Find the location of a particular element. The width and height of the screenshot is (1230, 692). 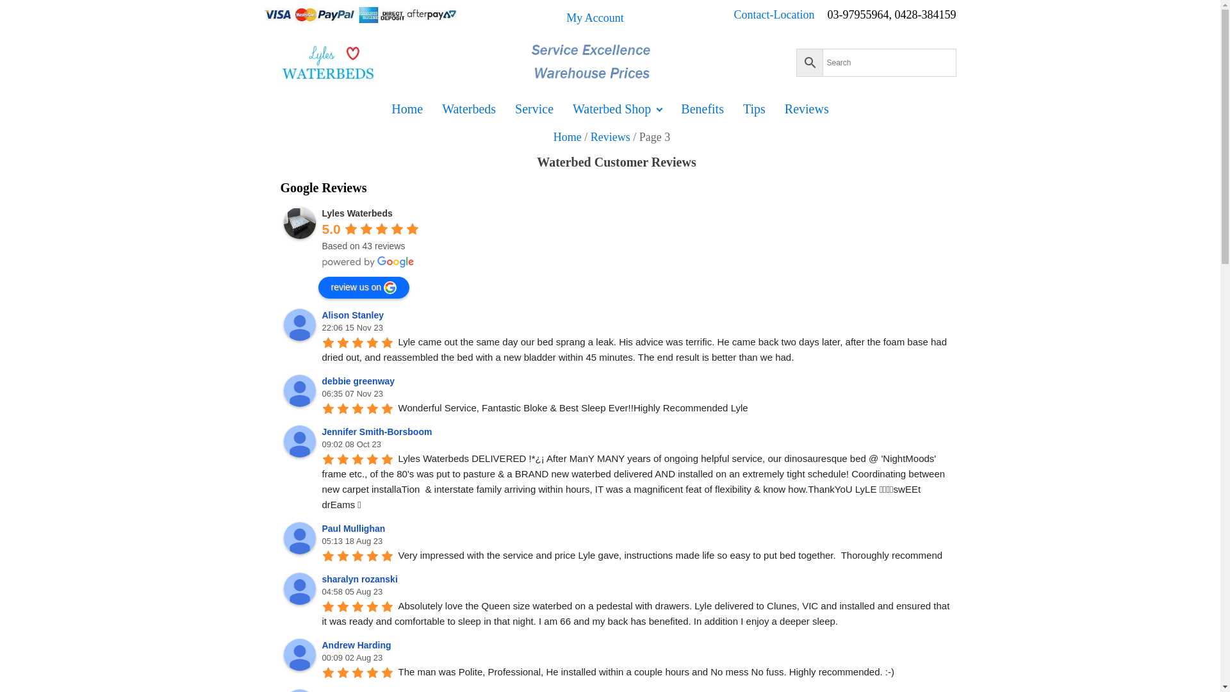

'sharalyn rozanski' is located at coordinates (298, 588).